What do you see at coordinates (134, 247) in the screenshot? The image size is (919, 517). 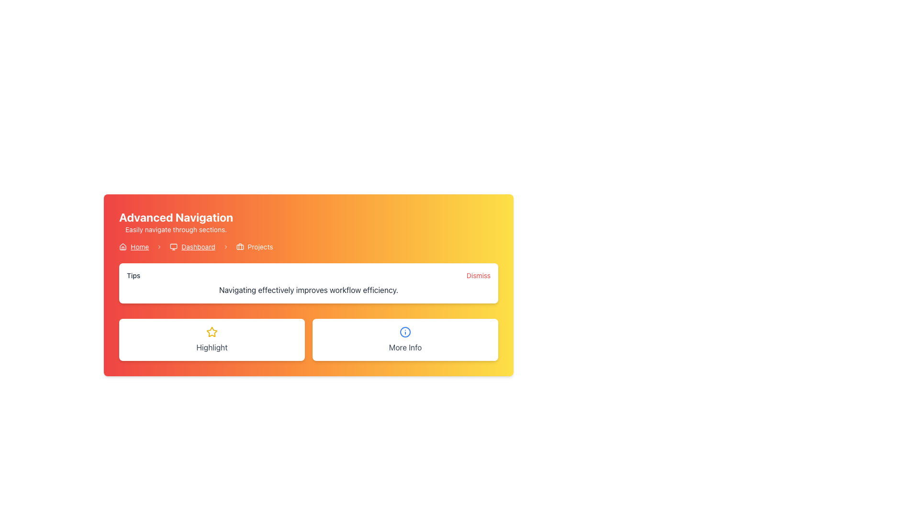 I see `the interactive text link that reads 'Home', which is styled with underlined text and accompanied by a house icon, located in the navigation breadcrumb bar` at bounding box center [134, 247].